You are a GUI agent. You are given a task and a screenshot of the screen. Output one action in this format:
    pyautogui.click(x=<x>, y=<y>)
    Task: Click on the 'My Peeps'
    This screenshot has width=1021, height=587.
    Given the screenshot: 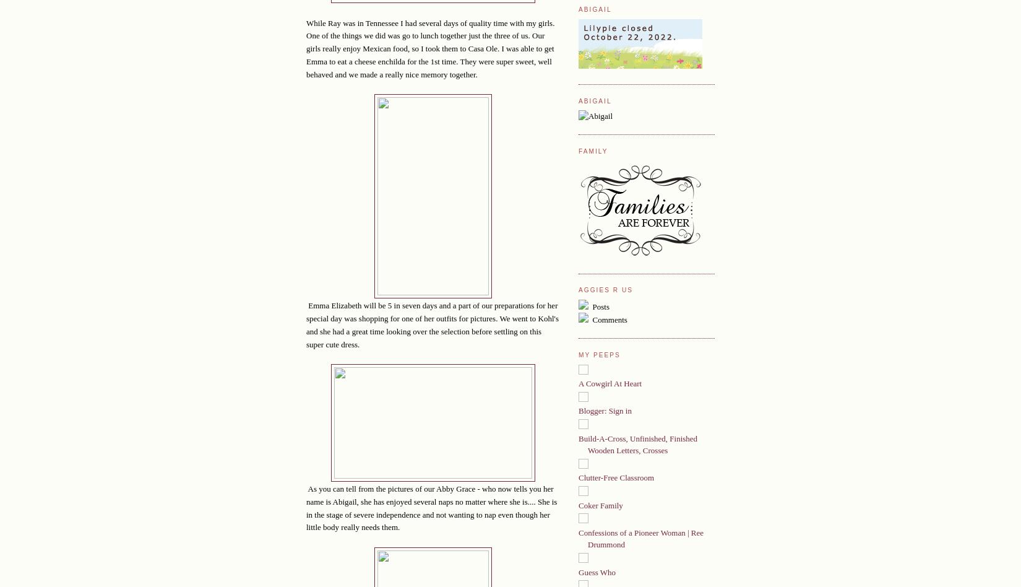 What is the action you would take?
    pyautogui.click(x=599, y=354)
    